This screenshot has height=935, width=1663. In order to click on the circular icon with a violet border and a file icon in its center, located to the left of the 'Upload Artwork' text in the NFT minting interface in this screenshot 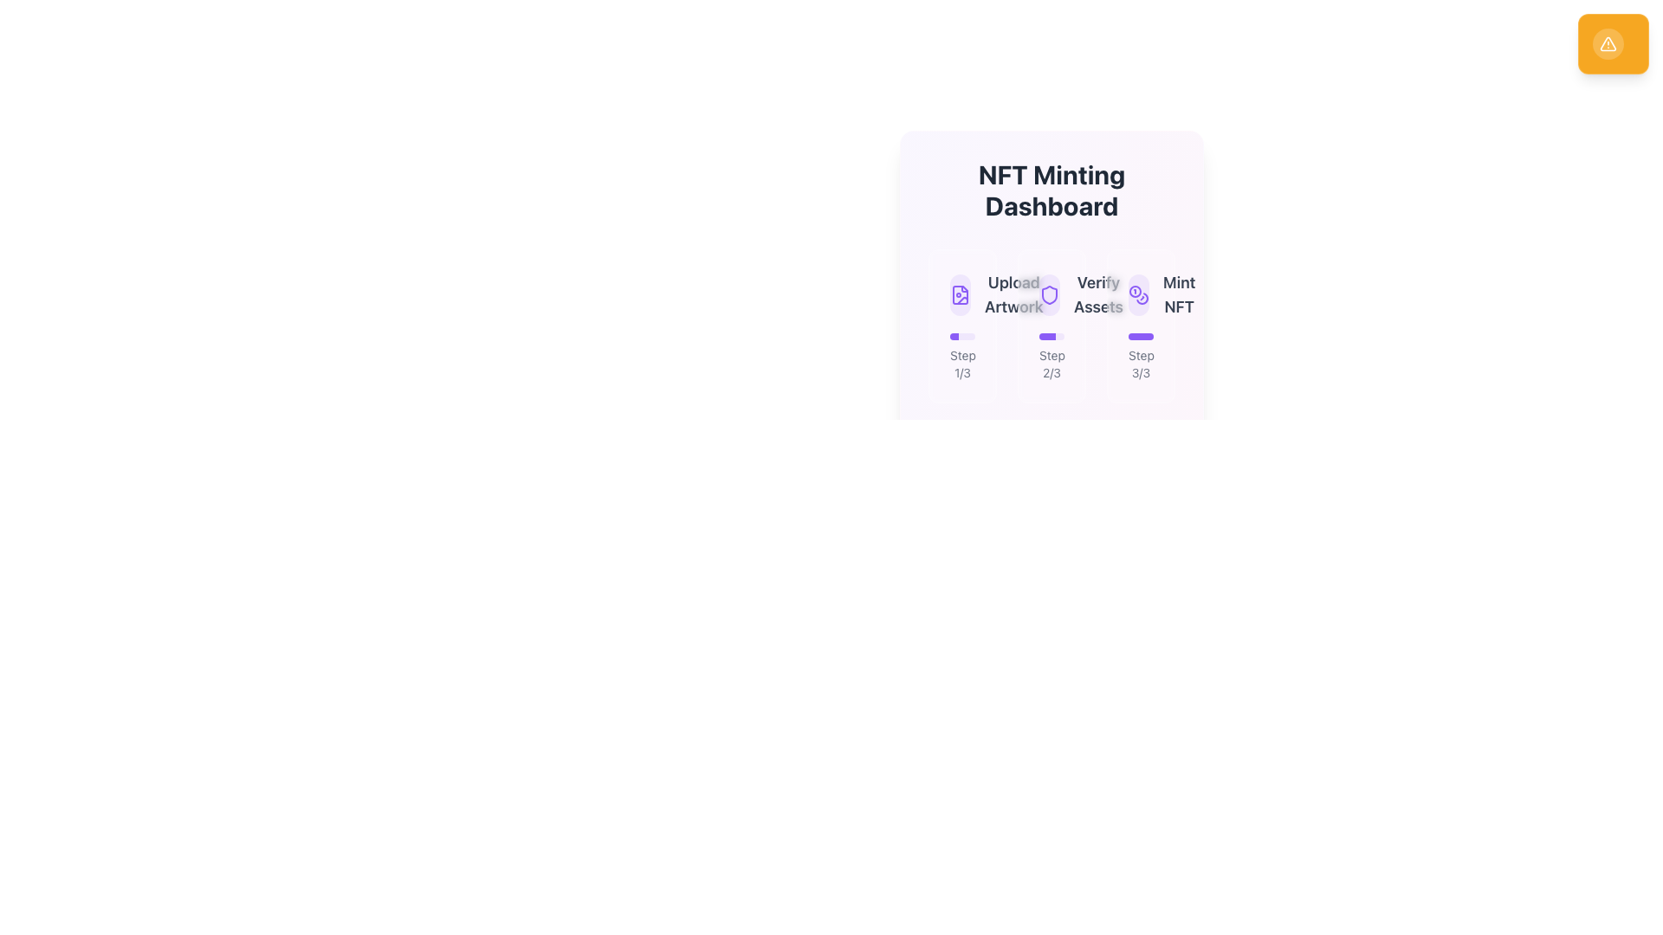, I will do `click(959, 293)`.